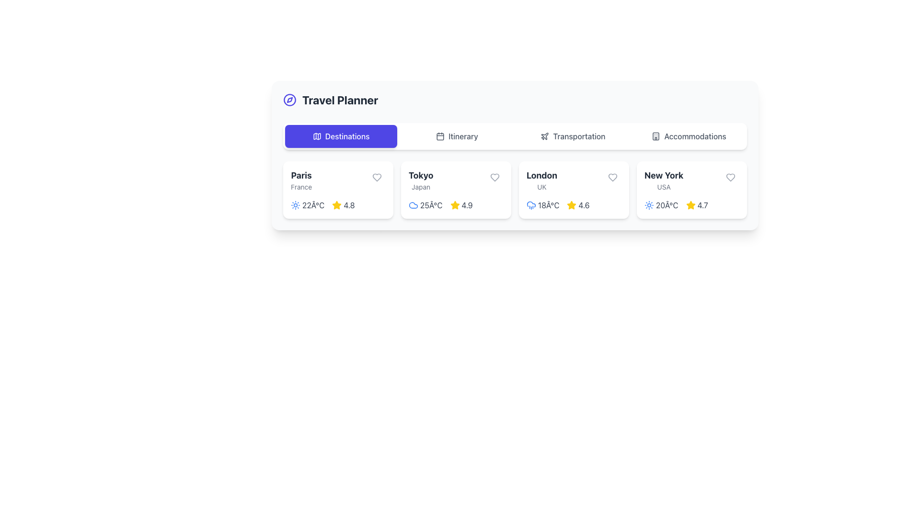 The height and width of the screenshot is (517, 920). Describe the element at coordinates (661, 204) in the screenshot. I see `weather information displayed as '20°C' accompanied by a sun icon in the 'New York' card under the 'Destinations' header of the 'Travel Planner' section` at that location.